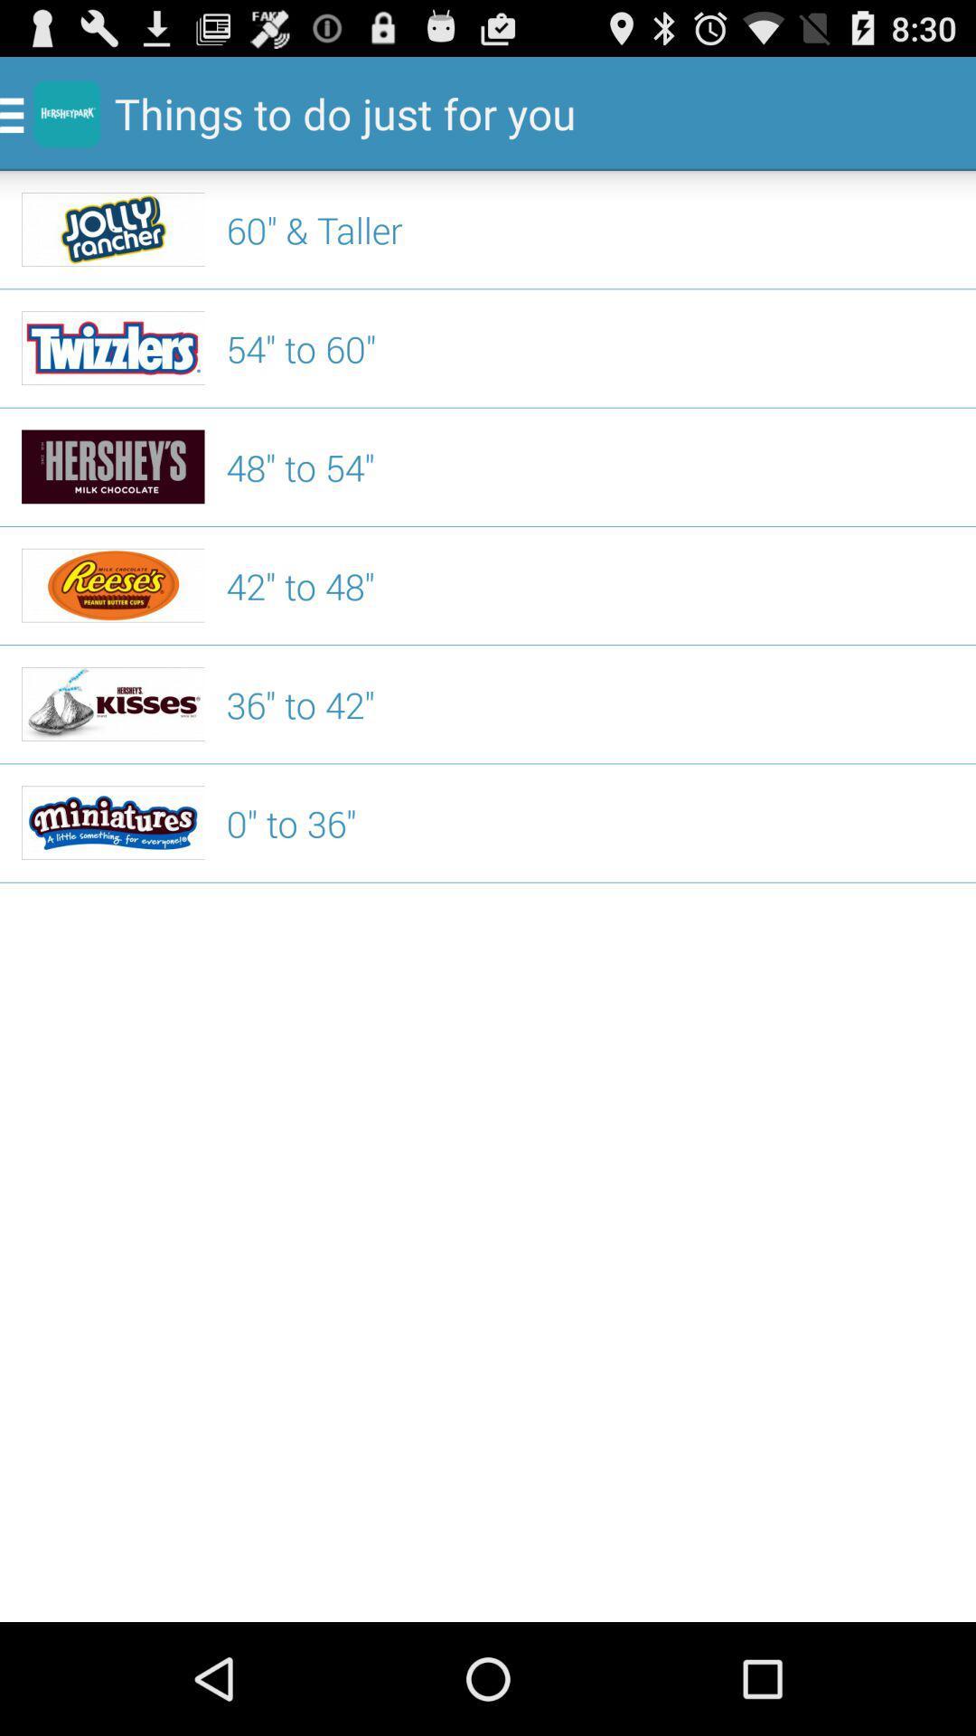 The image size is (976, 1736). I want to click on the item above the 54" to 60", so click(590, 229).